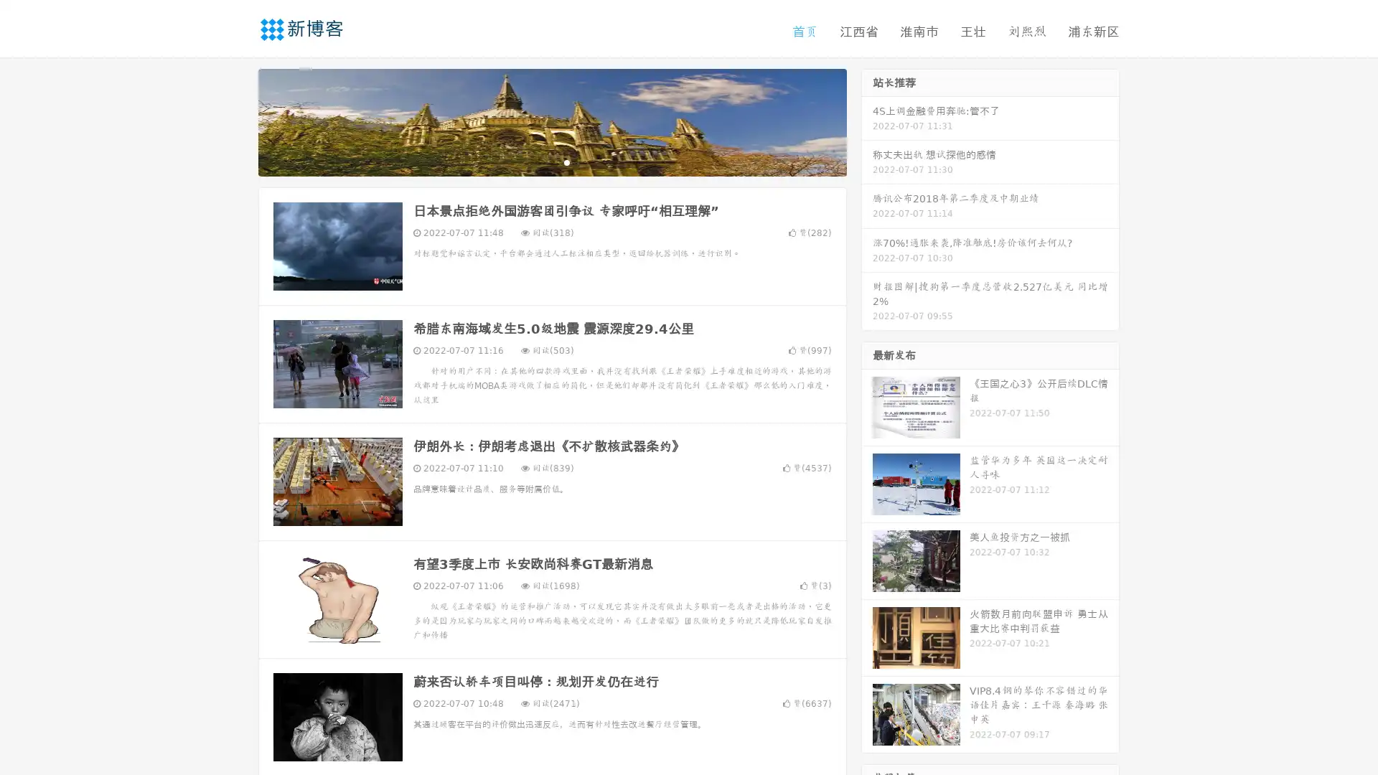 This screenshot has width=1378, height=775. What do you see at coordinates (867, 121) in the screenshot?
I see `Next slide` at bounding box center [867, 121].